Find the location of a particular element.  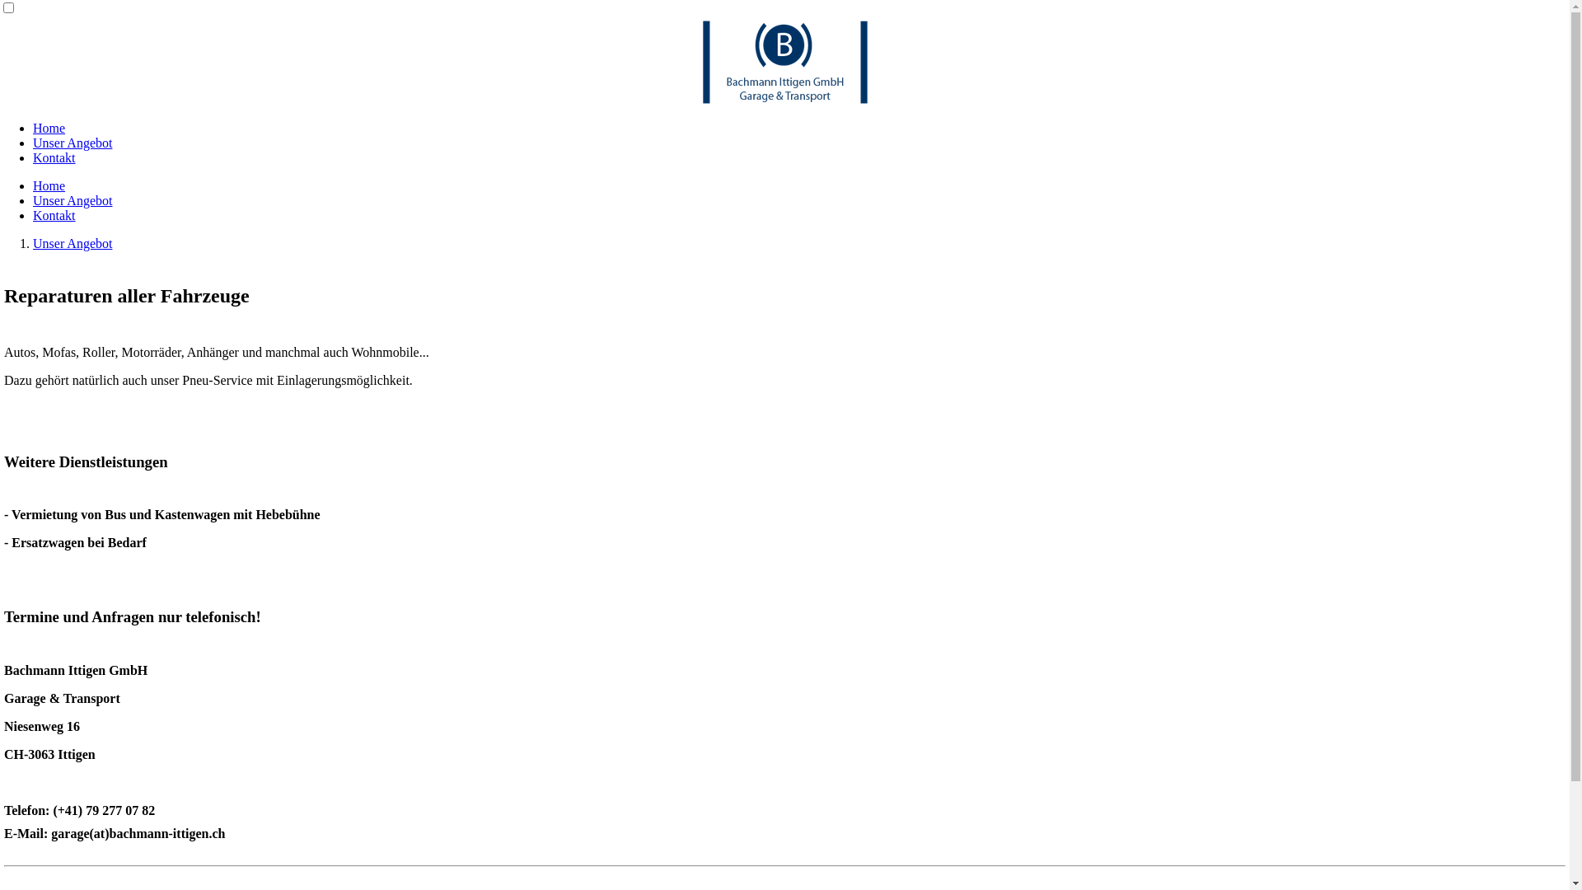

'Kontakt' is located at coordinates (54, 157).